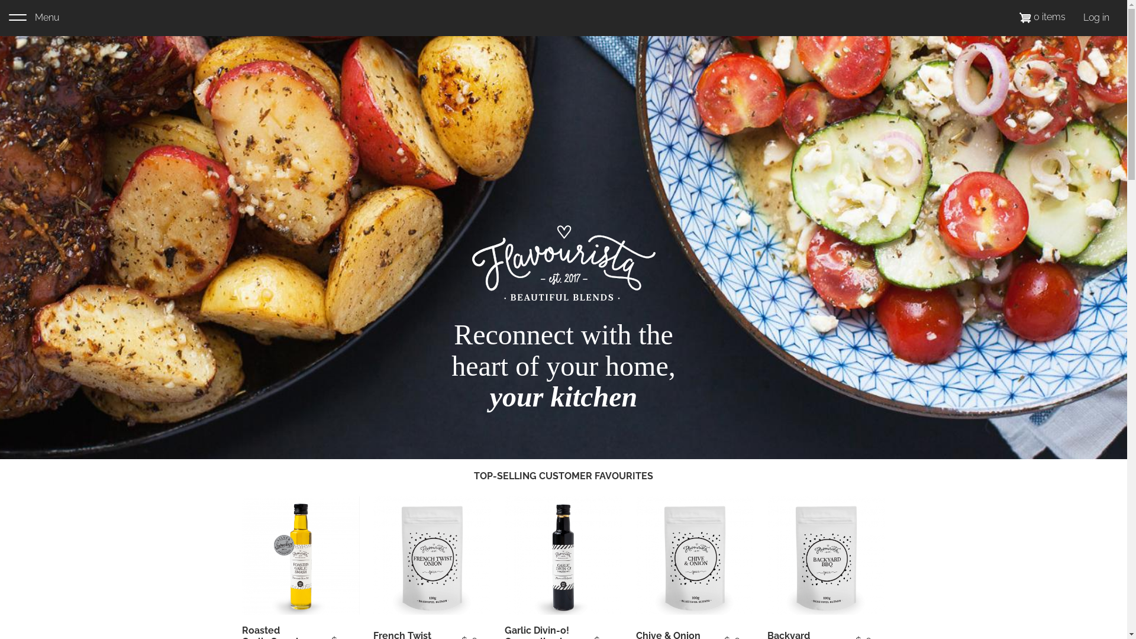 Image resolution: width=1136 pixels, height=639 pixels. What do you see at coordinates (0, 0) in the screenshot?
I see `'Skip to main content'` at bounding box center [0, 0].